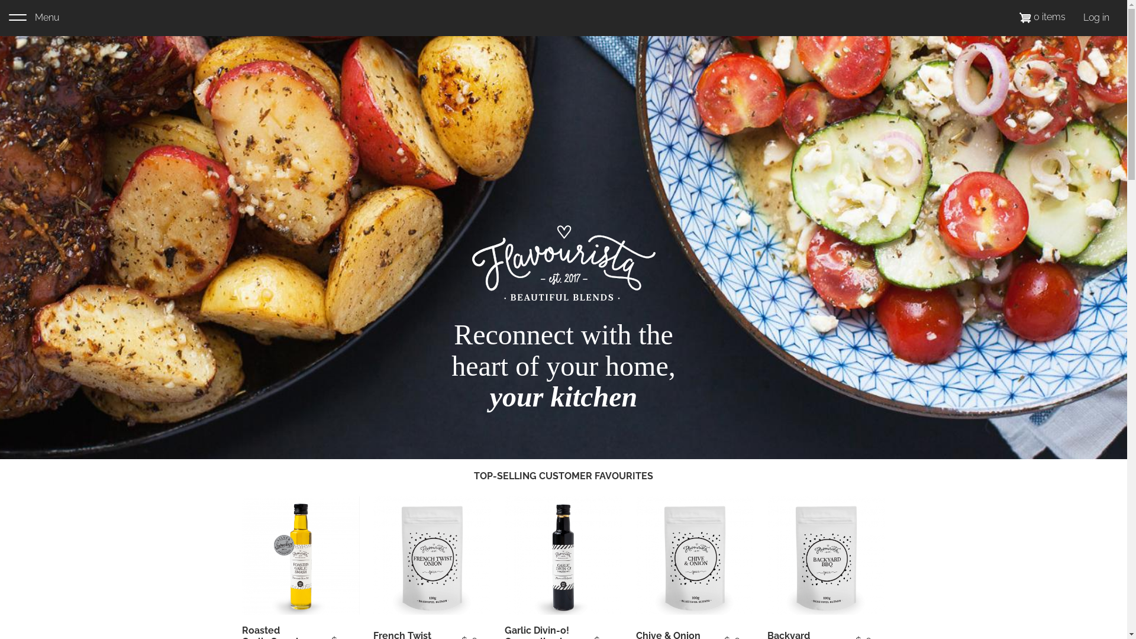 Image resolution: width=1136 pixels, height=639 pixels. What do you see at coordinates (0, 0) in the screenshot?
I see `'Skip to main content'` at bounding box center [0, 0].